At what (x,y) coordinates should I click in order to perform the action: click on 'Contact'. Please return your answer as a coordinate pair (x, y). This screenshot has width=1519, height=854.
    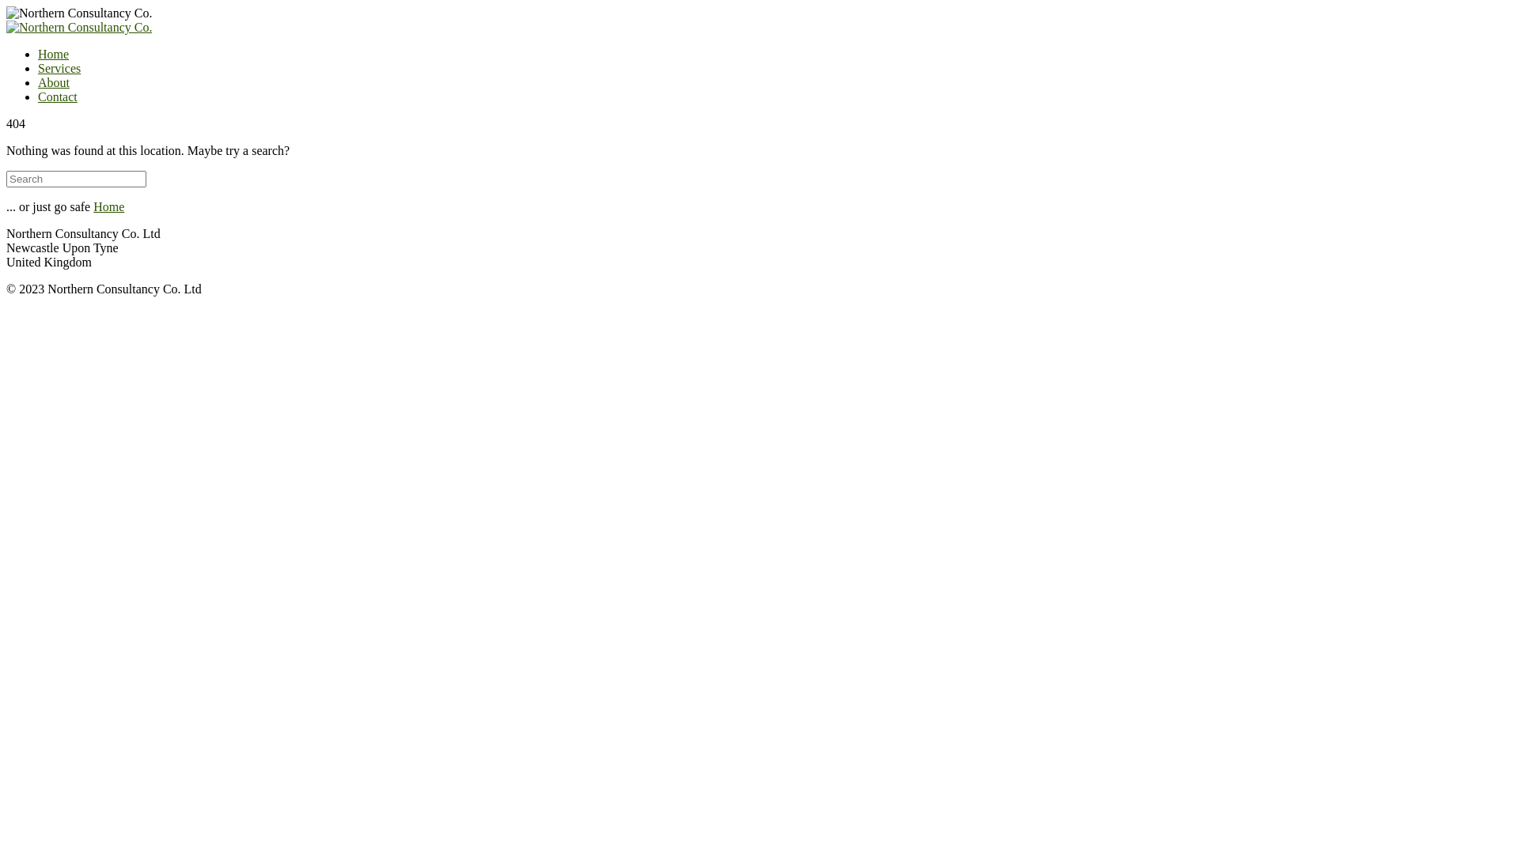
    Looking at the image, I should click on (57, 96).